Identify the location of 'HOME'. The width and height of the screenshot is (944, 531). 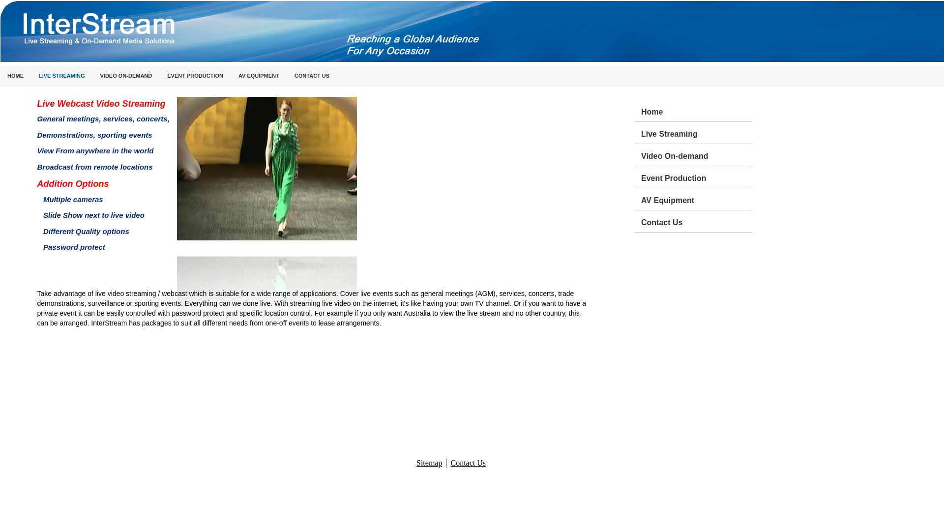
(15, 76).